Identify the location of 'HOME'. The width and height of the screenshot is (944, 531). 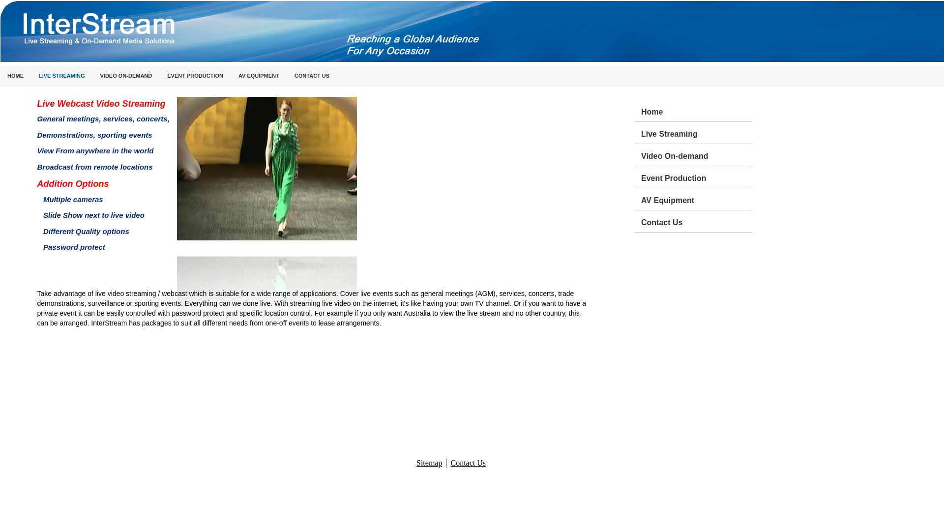
(15, 76).